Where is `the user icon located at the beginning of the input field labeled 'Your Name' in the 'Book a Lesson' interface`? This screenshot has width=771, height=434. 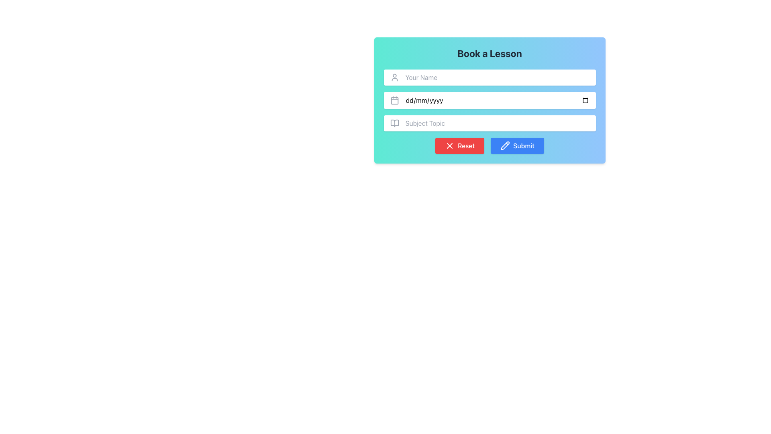 the user icon located at the beginning of the input field labeled 'Your Name' in the 'Book a Lesson' interface is located at coordinates (394, 77).